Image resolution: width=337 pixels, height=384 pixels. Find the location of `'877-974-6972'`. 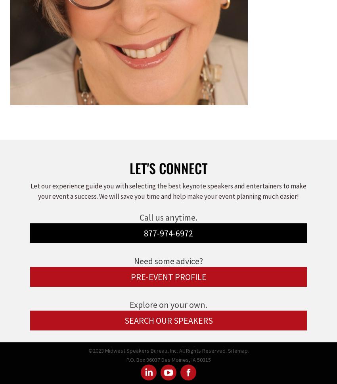

'877-974-6972' is located at coordinates (168, 233).